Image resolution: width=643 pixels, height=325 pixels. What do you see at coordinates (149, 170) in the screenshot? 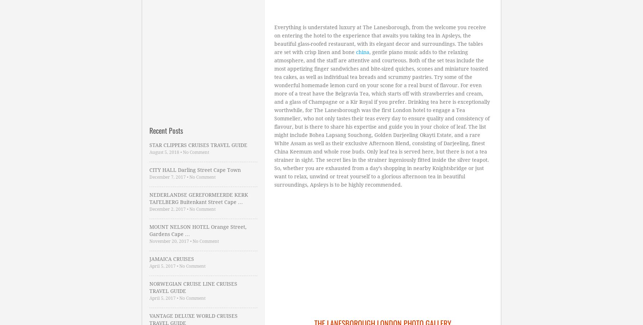
I see `'CITY HALL Darling Street Cape Town'` at bounding box center [149, 170].